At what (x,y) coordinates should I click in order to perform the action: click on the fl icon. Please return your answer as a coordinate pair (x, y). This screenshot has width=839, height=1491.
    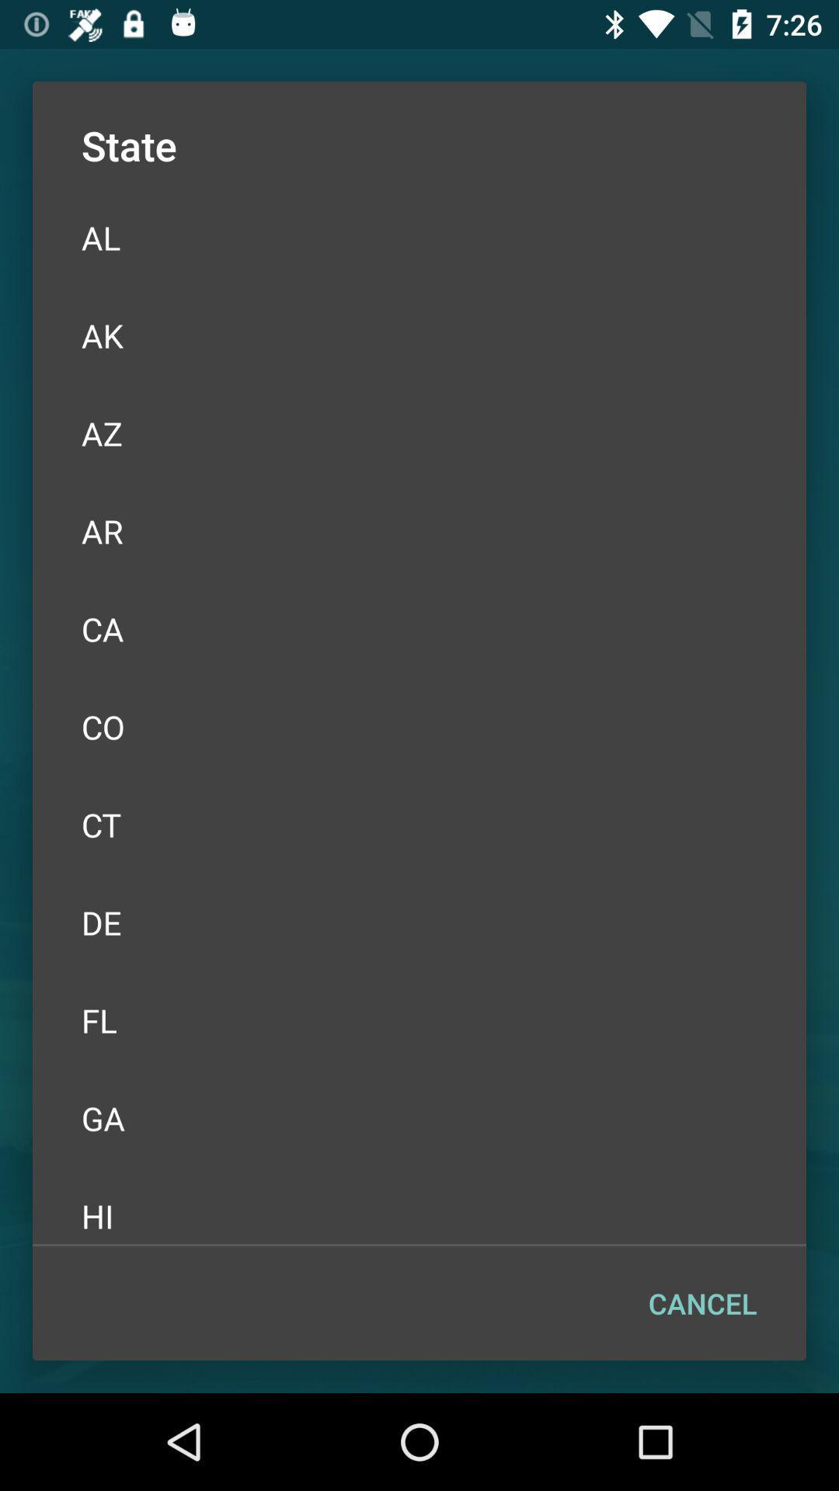
    Looking at the image, I should click on (419, 1020).